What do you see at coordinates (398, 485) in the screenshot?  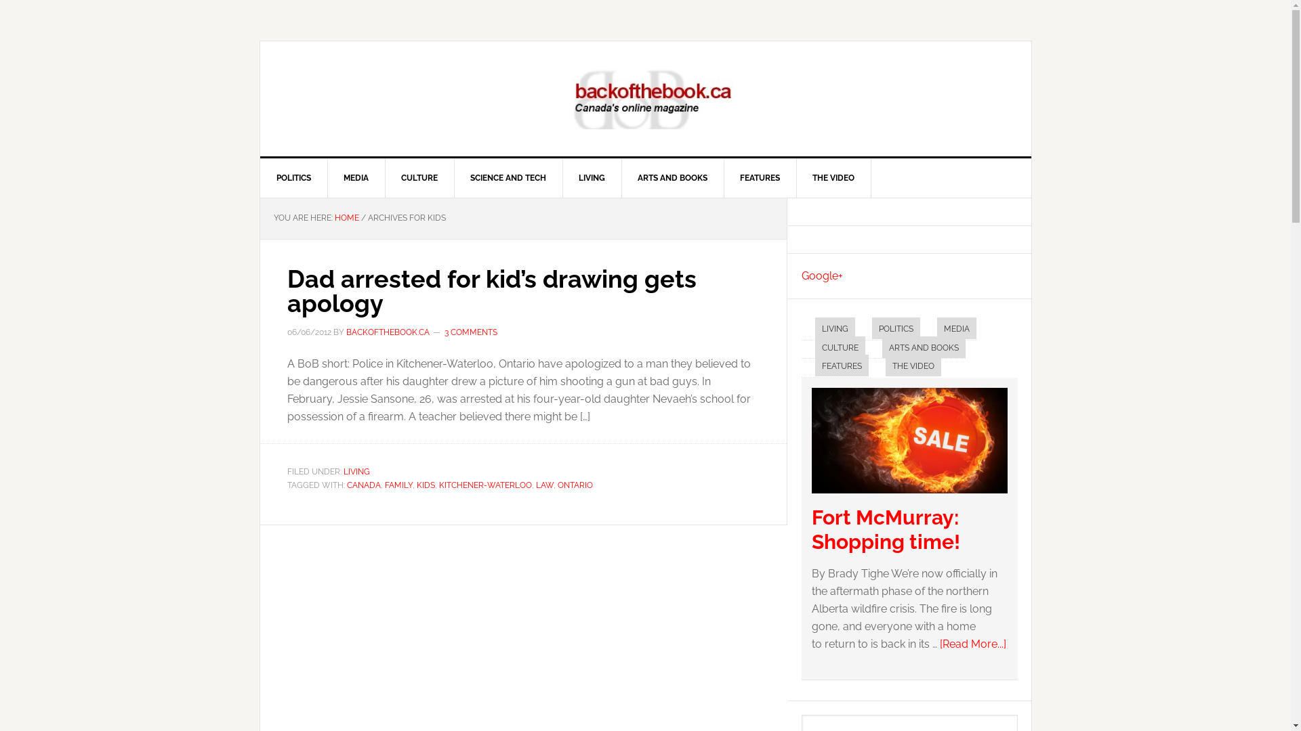 I see `'FAMILY'` at bounding box center [398, 485].